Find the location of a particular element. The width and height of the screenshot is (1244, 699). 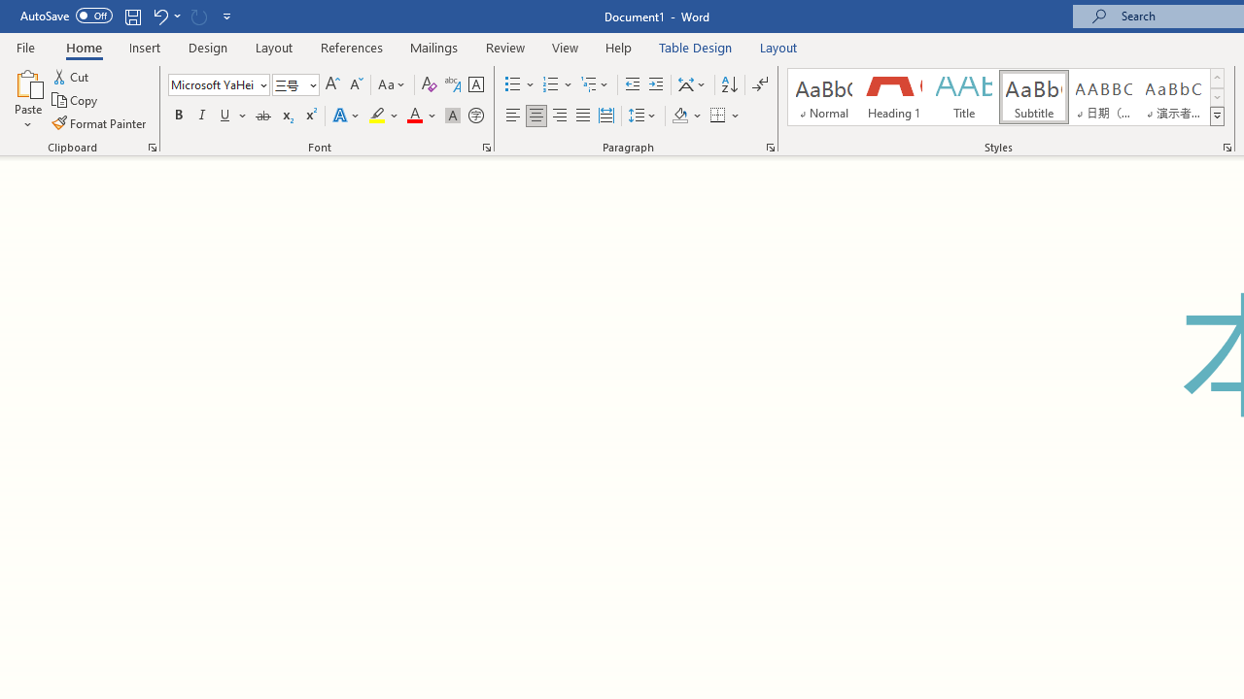

'Shading RGB(0, 0, 0)' is located at coordinates (679, 116).